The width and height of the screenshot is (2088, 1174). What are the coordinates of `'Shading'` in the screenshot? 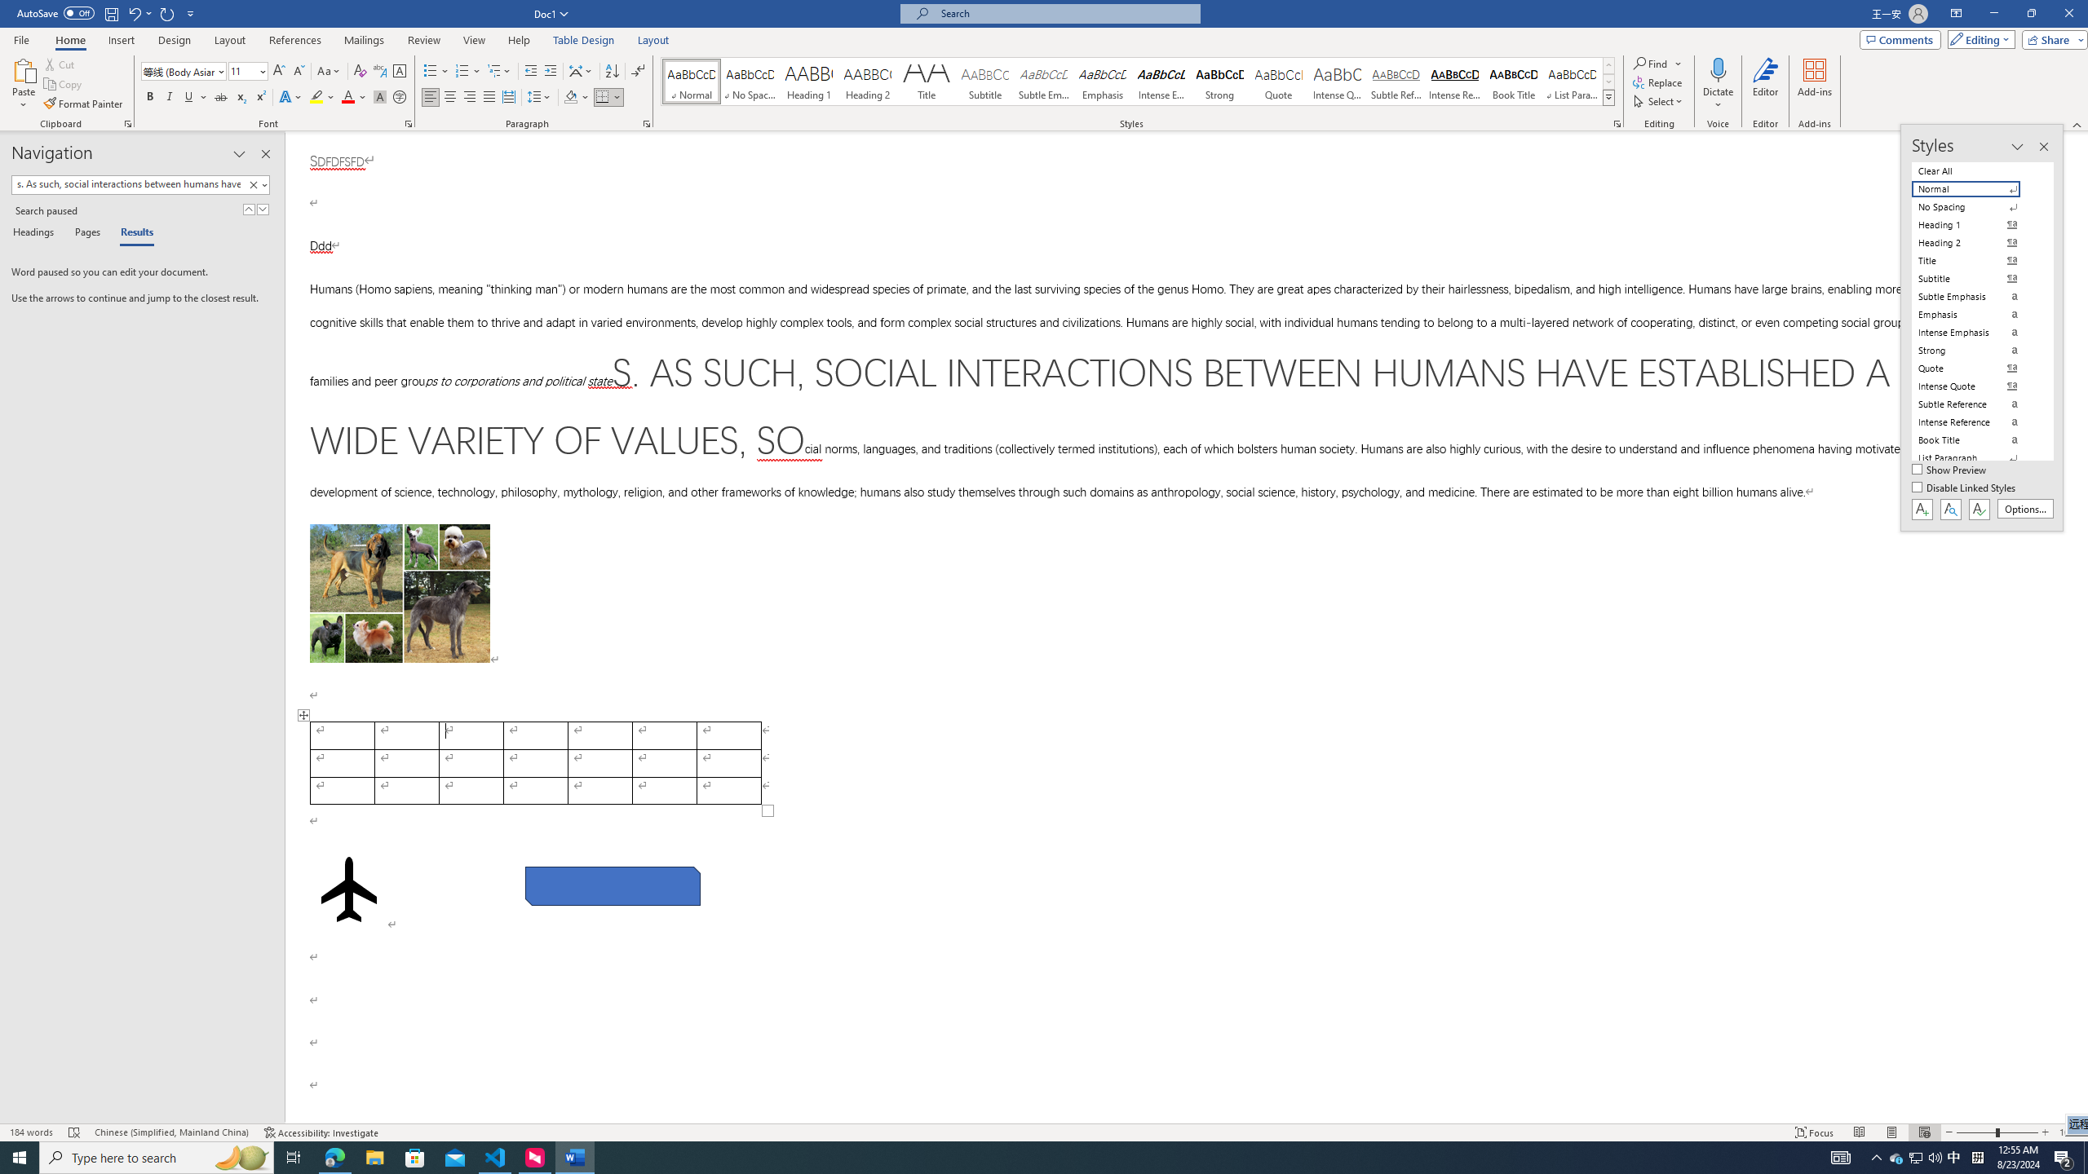 It's located at (576, 96).